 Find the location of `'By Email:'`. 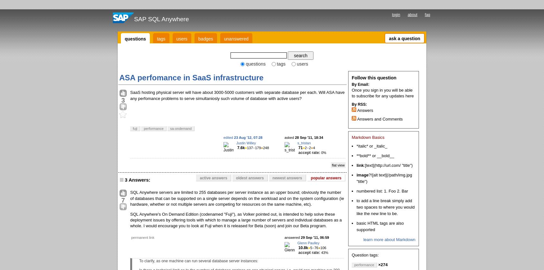

'By Email:' is located at coordinates (352, 84).